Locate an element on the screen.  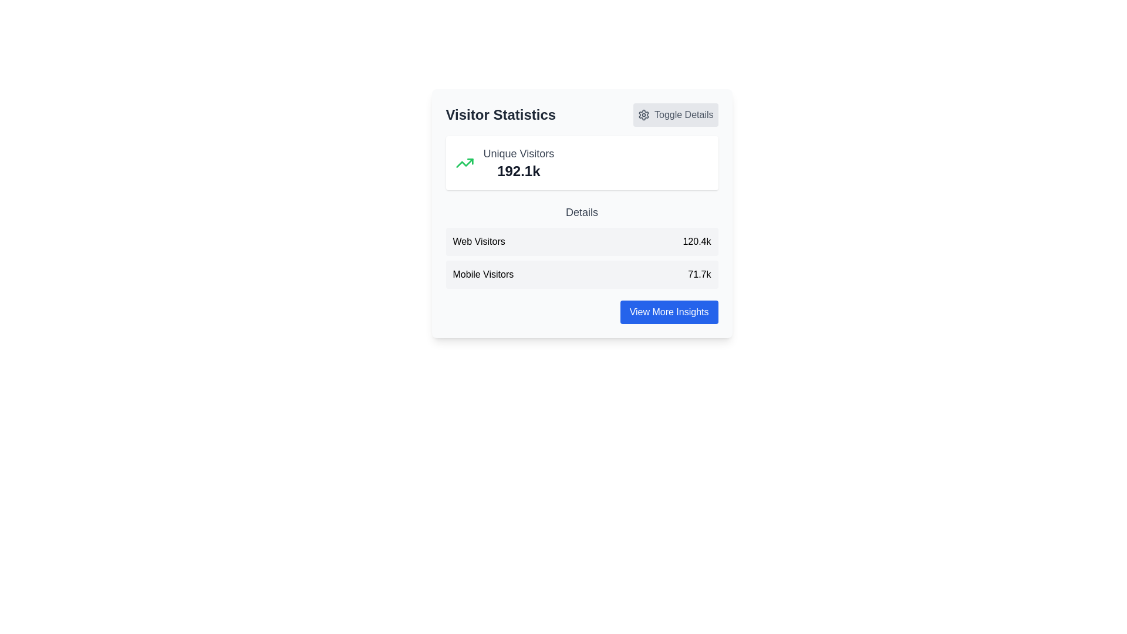
the green upward trend line icon located in the 'Unique Visitors' segment, positioned above the numerical data '192.1k' is located at coordinates (464, 163).